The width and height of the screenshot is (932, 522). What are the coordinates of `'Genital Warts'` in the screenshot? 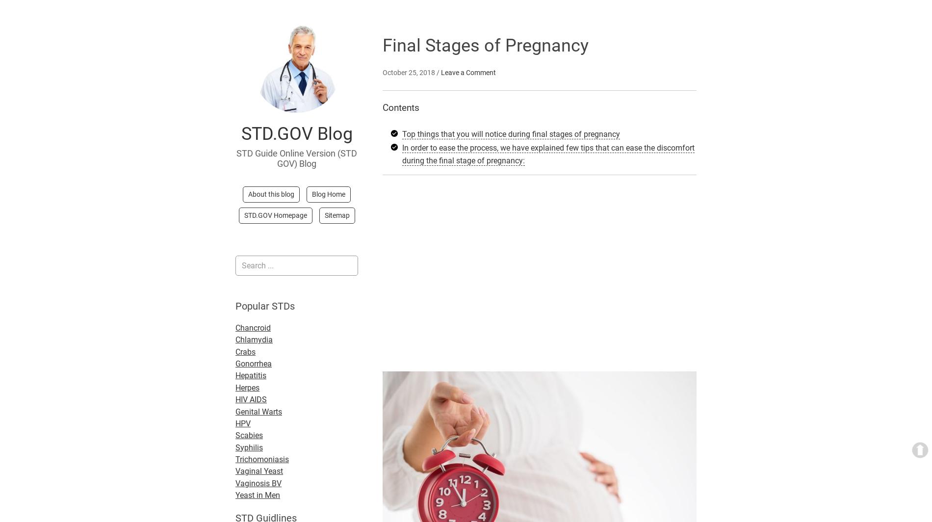 It's located at (259, 411).